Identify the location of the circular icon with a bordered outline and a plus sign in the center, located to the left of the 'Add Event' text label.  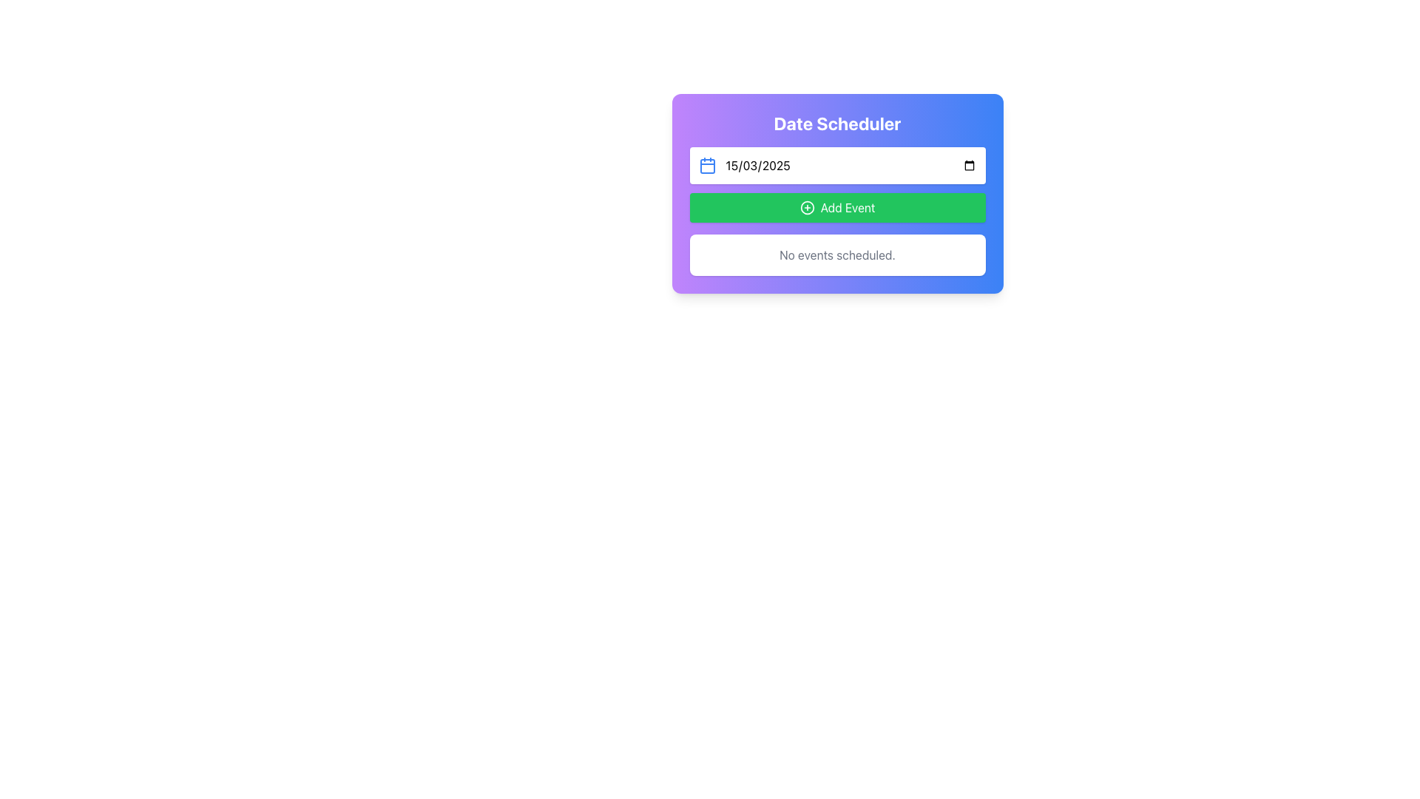
(806, 208).